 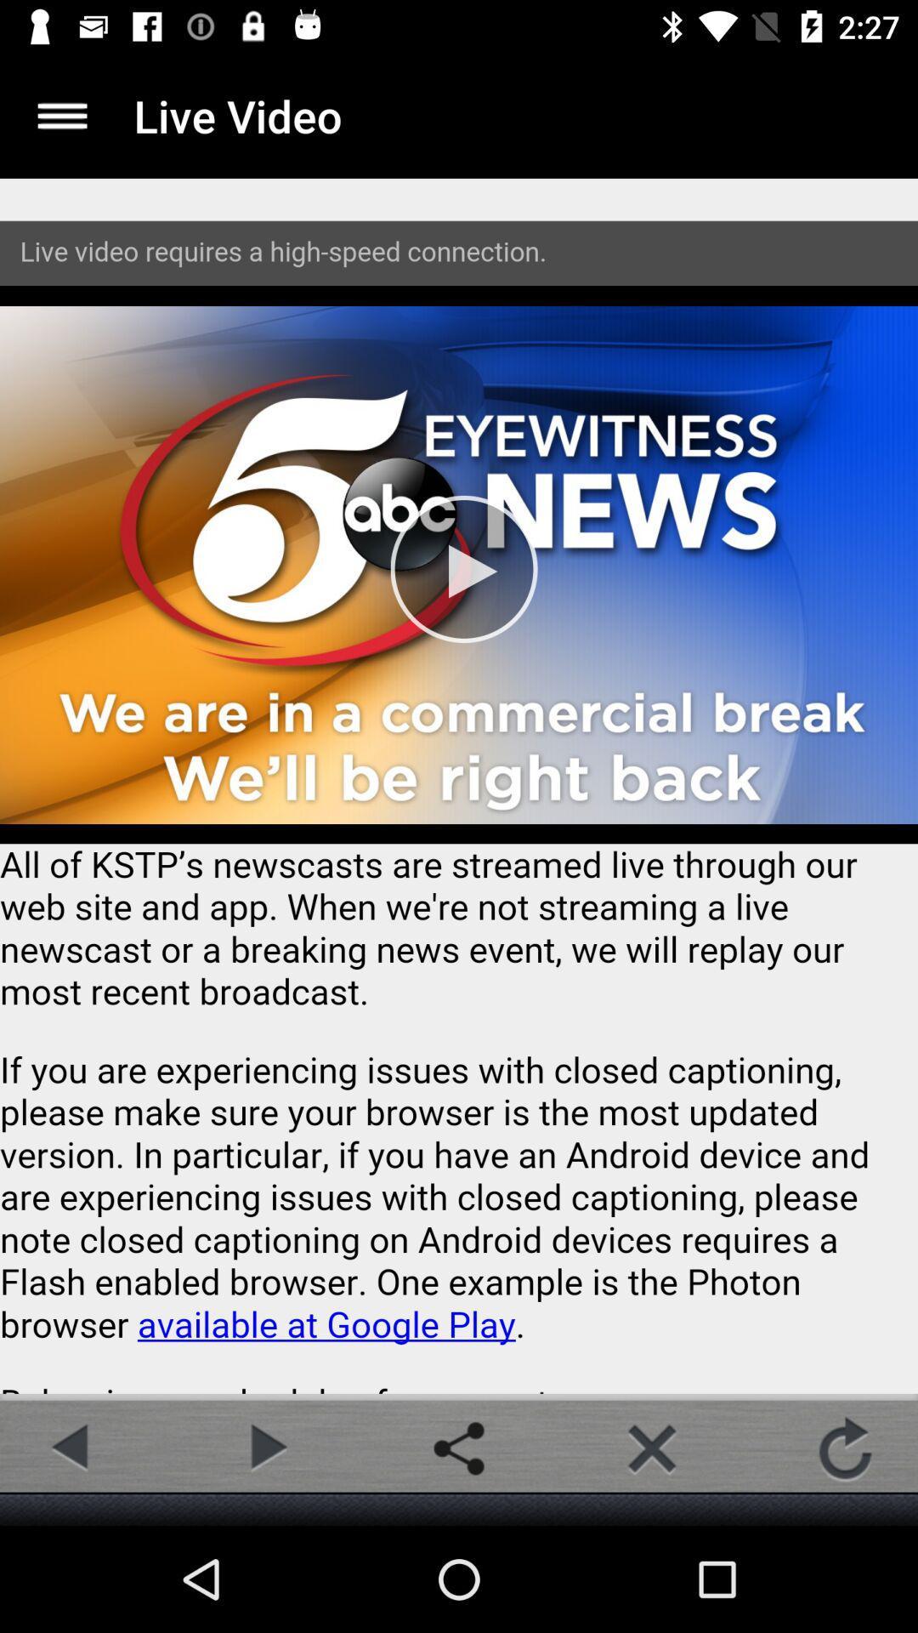 I want to click on button, so click(x=651, y=1448).